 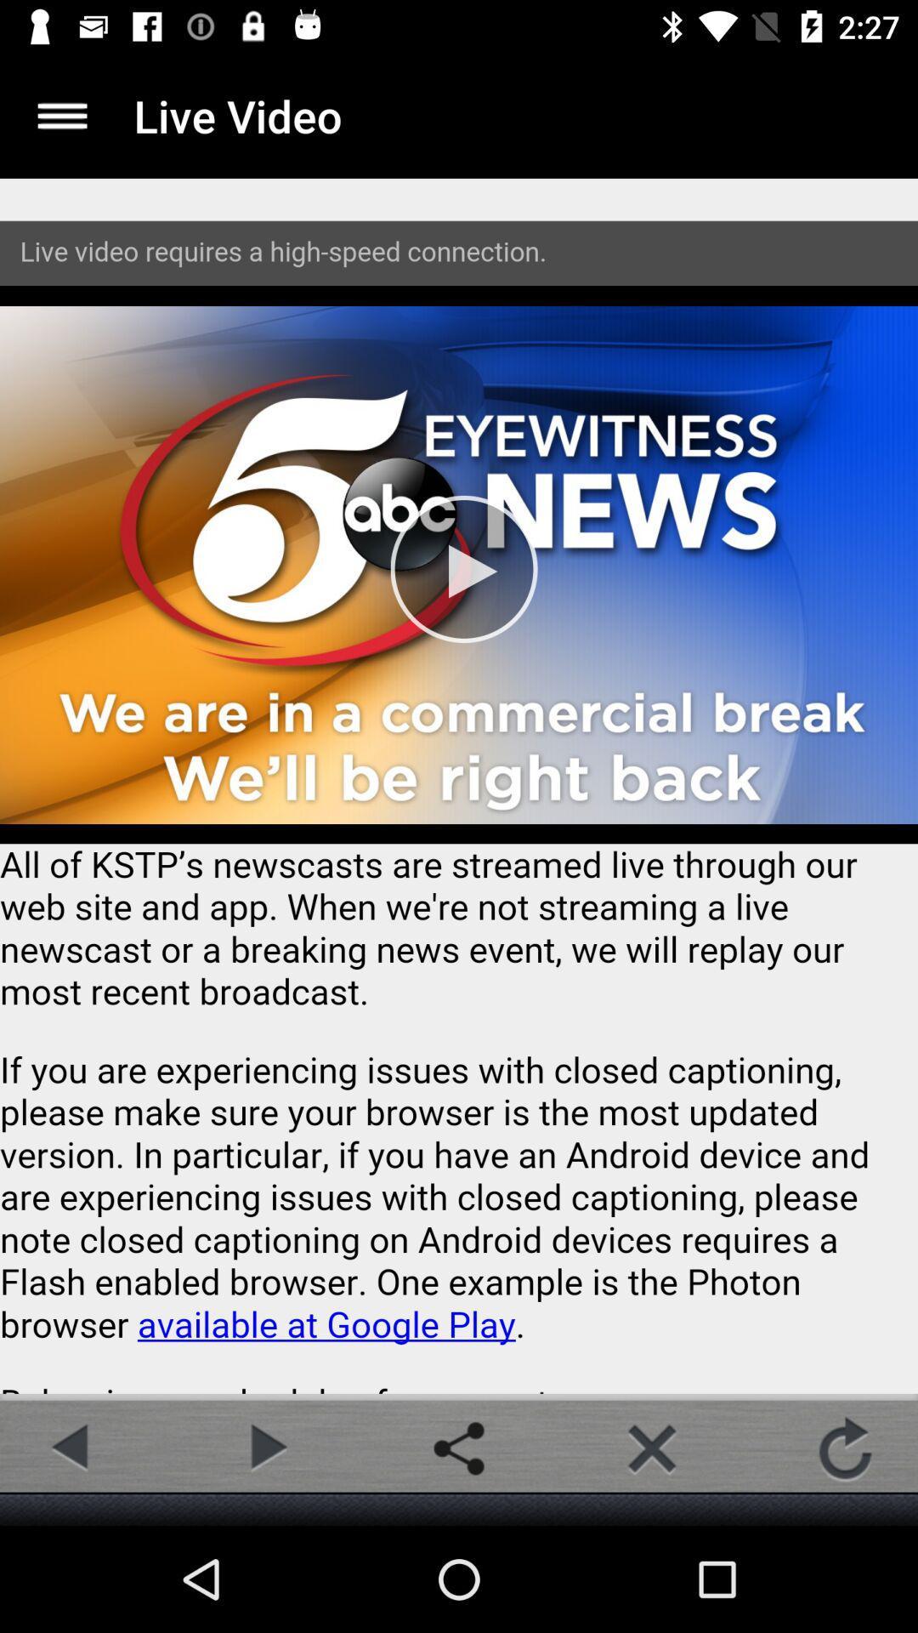 I want to click on button, so click(x=651, y=1448).